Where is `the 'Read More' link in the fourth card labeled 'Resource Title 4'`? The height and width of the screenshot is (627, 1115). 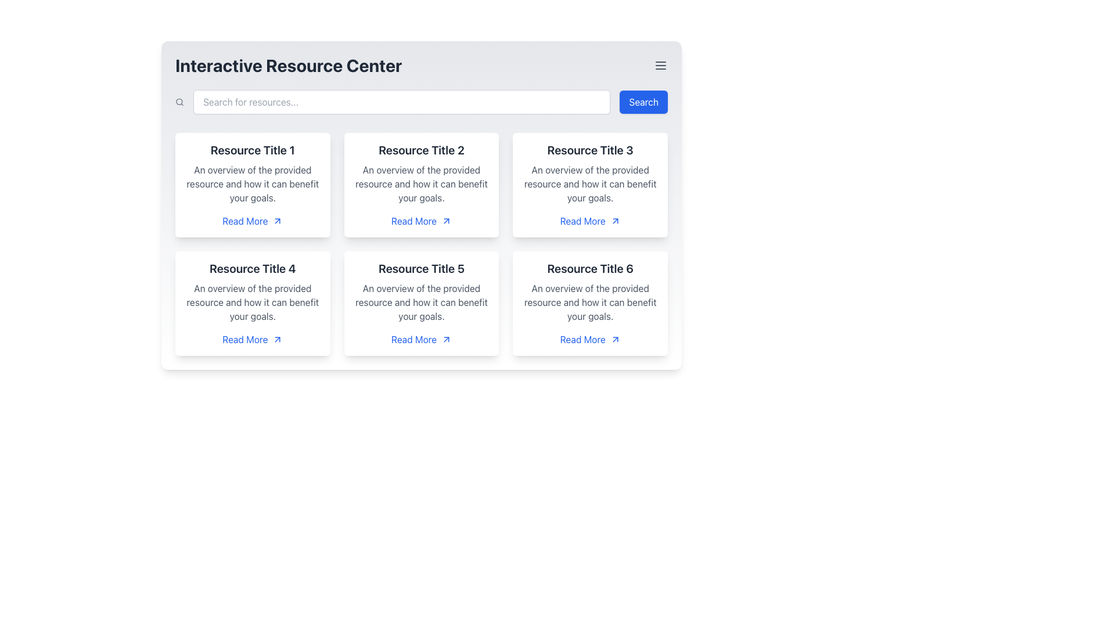
the 'Read More' link in the fourth card labeled 'Resource Title 4' is located at coordinates (277, 340).